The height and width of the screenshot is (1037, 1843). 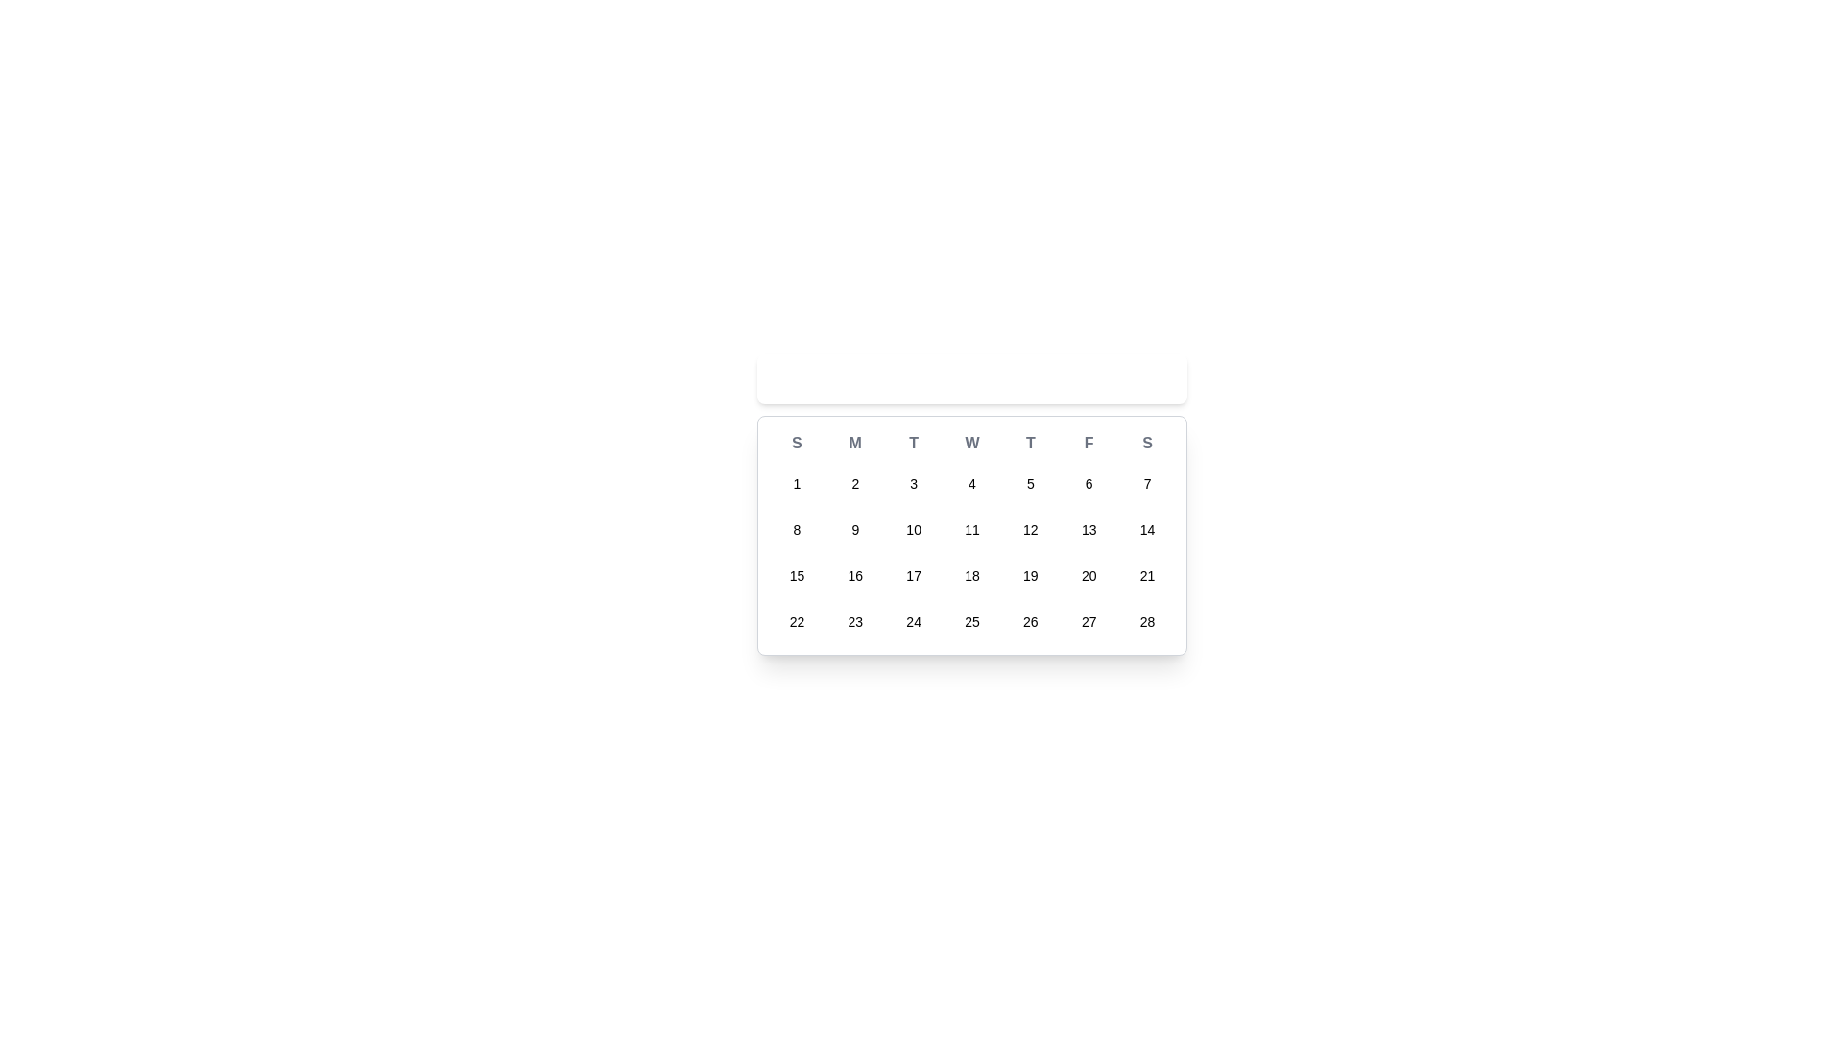 I want to click on the fourth day in the calendar, which is the button-like interactive calendar day box directly under the 'W' header, so click(x=971, y=483).